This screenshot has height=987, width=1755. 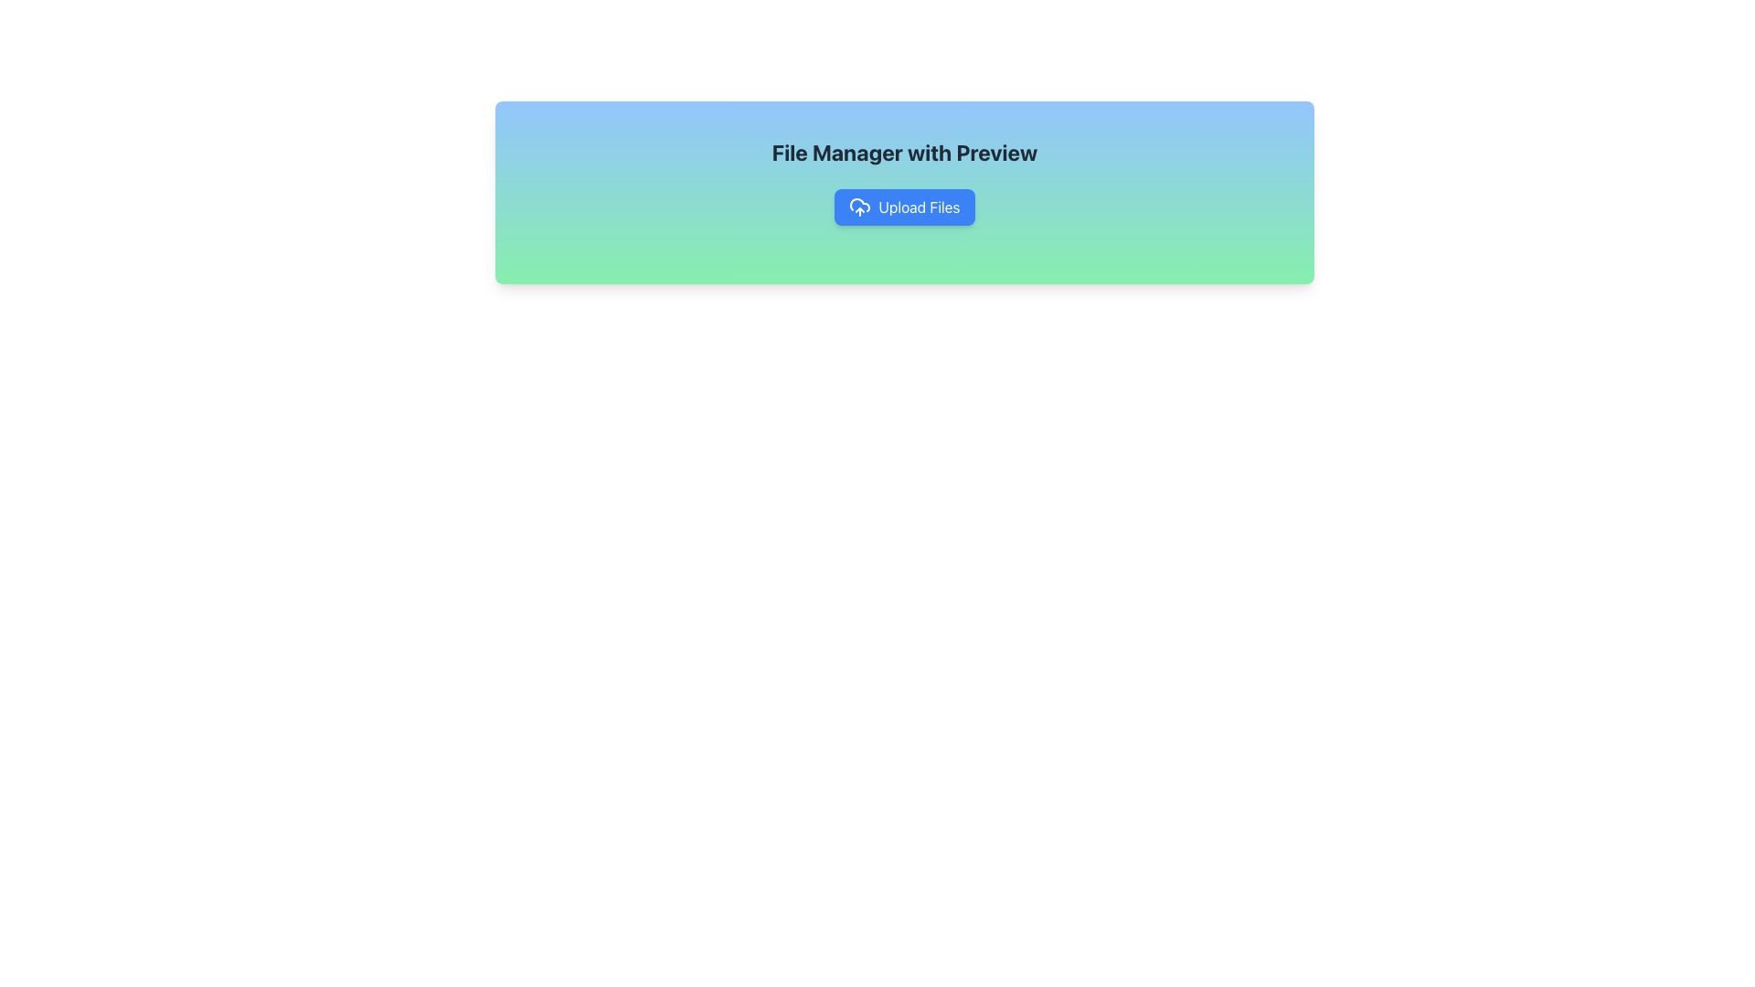 I want to click on the upload button in the header section of the file management interface, so click(x=904, y=193).